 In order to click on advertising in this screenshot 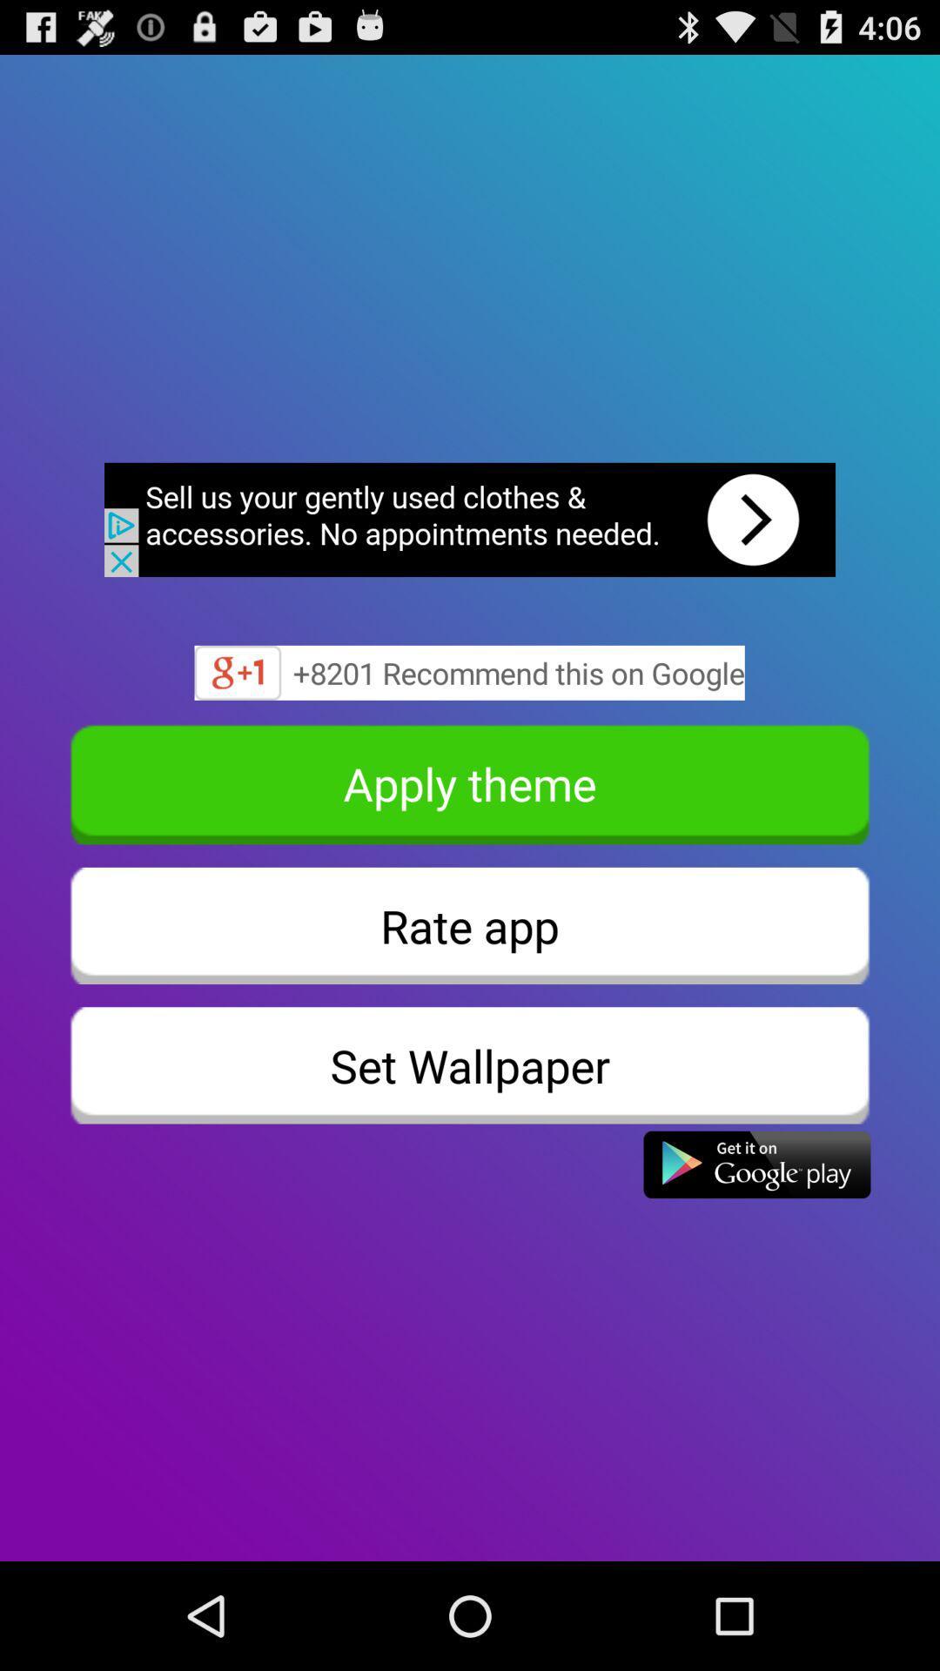, I will do `click(470, 519)`.